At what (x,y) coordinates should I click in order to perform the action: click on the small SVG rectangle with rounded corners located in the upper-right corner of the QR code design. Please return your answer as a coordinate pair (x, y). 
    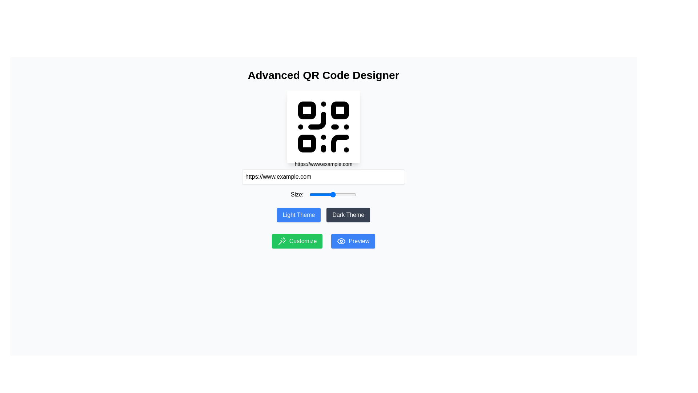
    Looking at the image, I should click on (340, 110).